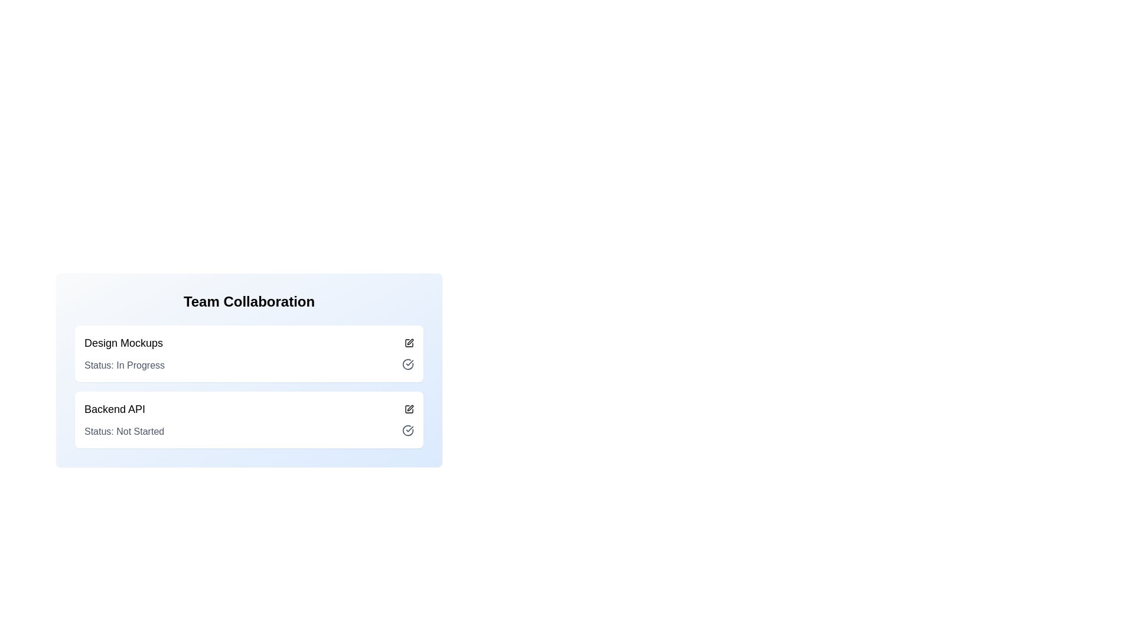 This screenshot has height=638, width=1134. Describe the element at coordinates (408, 364) in the screenshot. I see `the circular icon with a checkmark inside, located in the 'Status: In Progress' section at the top-right corner, adjacent to the status text` at that location.